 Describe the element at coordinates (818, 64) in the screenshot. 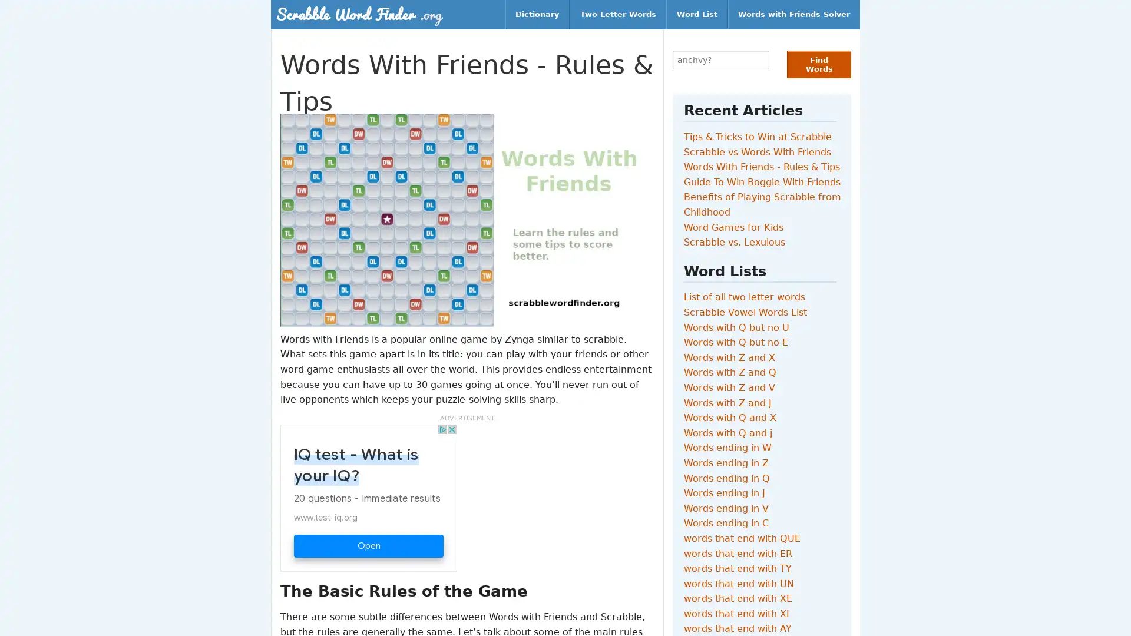

I see `Find Words` at that location.